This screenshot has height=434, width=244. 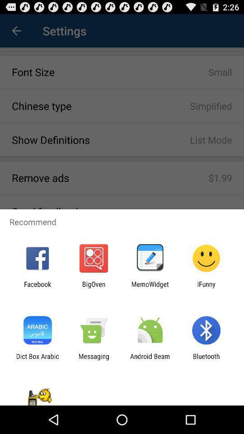 I want to click on the app next to messaging, so click(x=150, y=360).